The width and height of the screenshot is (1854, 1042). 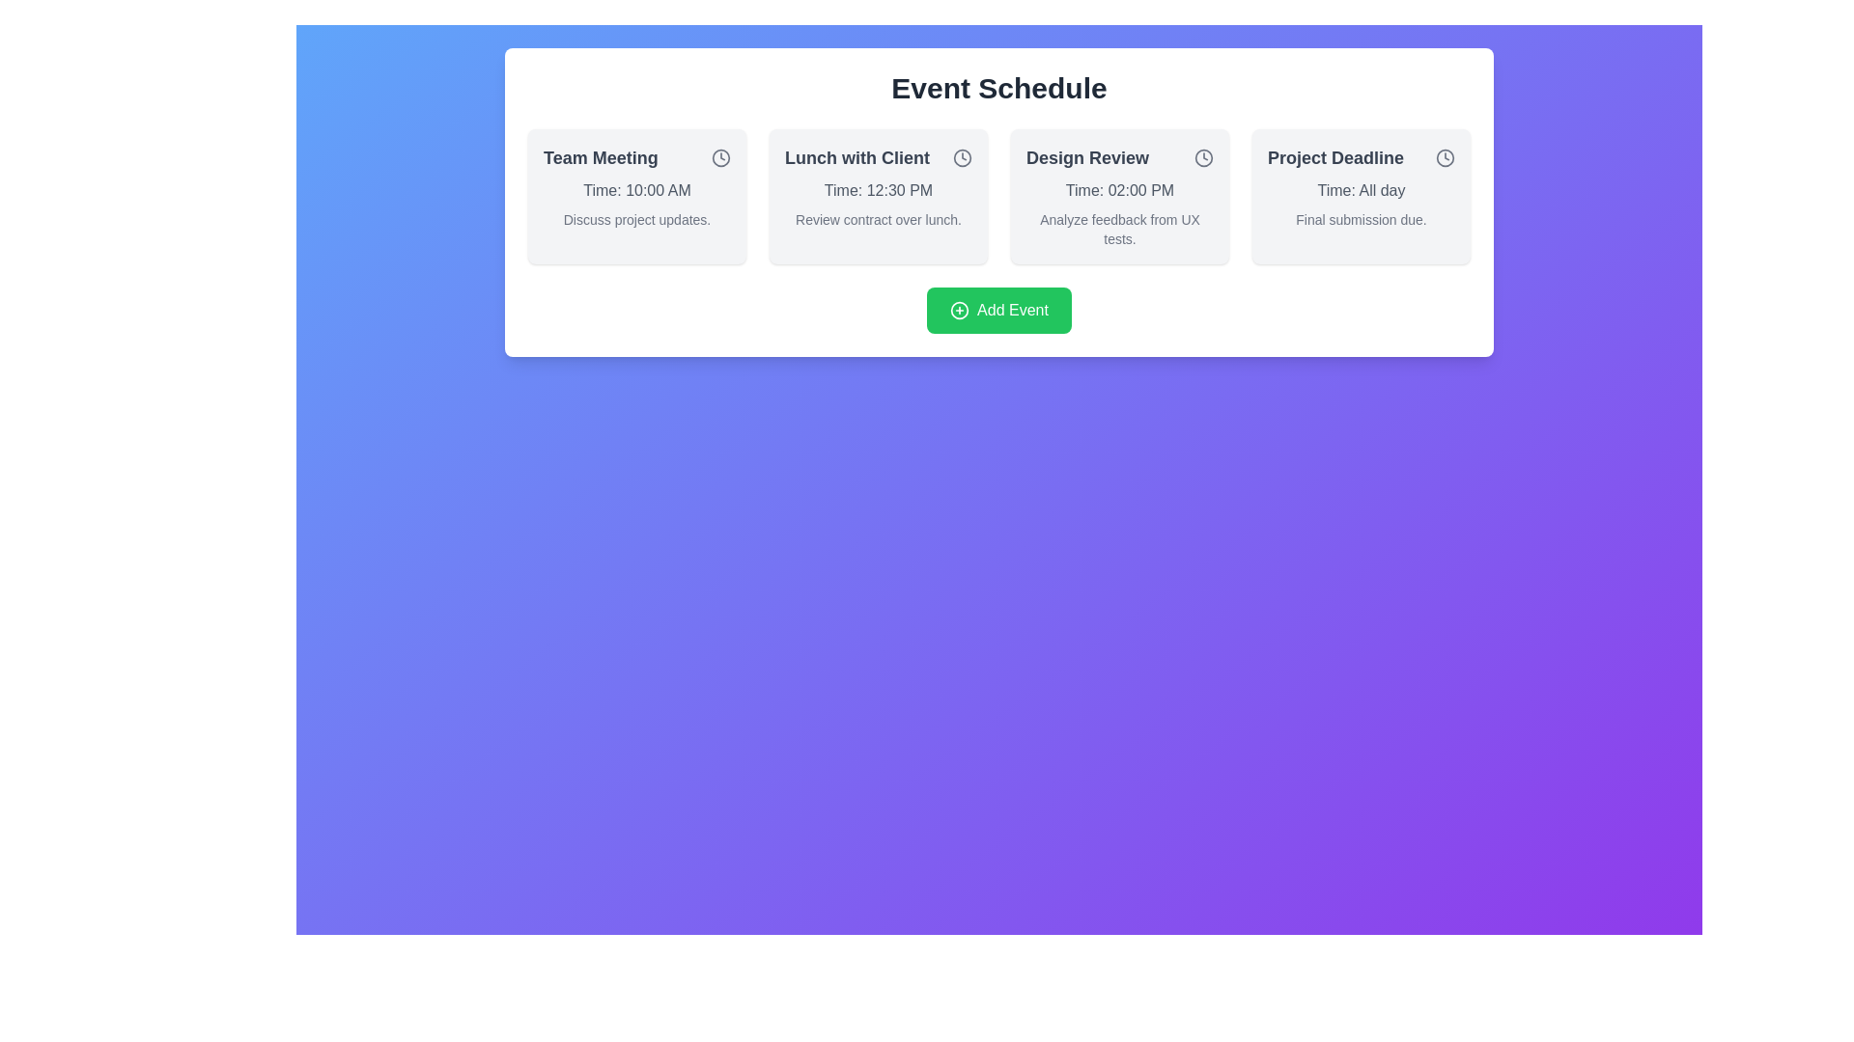 I want to click on the text label 'Project Deadline', which is styled in bold and large font, located in the upper-right corner of a card in the fourth column under 'Event Schedule', so click(x=1334, y=157).